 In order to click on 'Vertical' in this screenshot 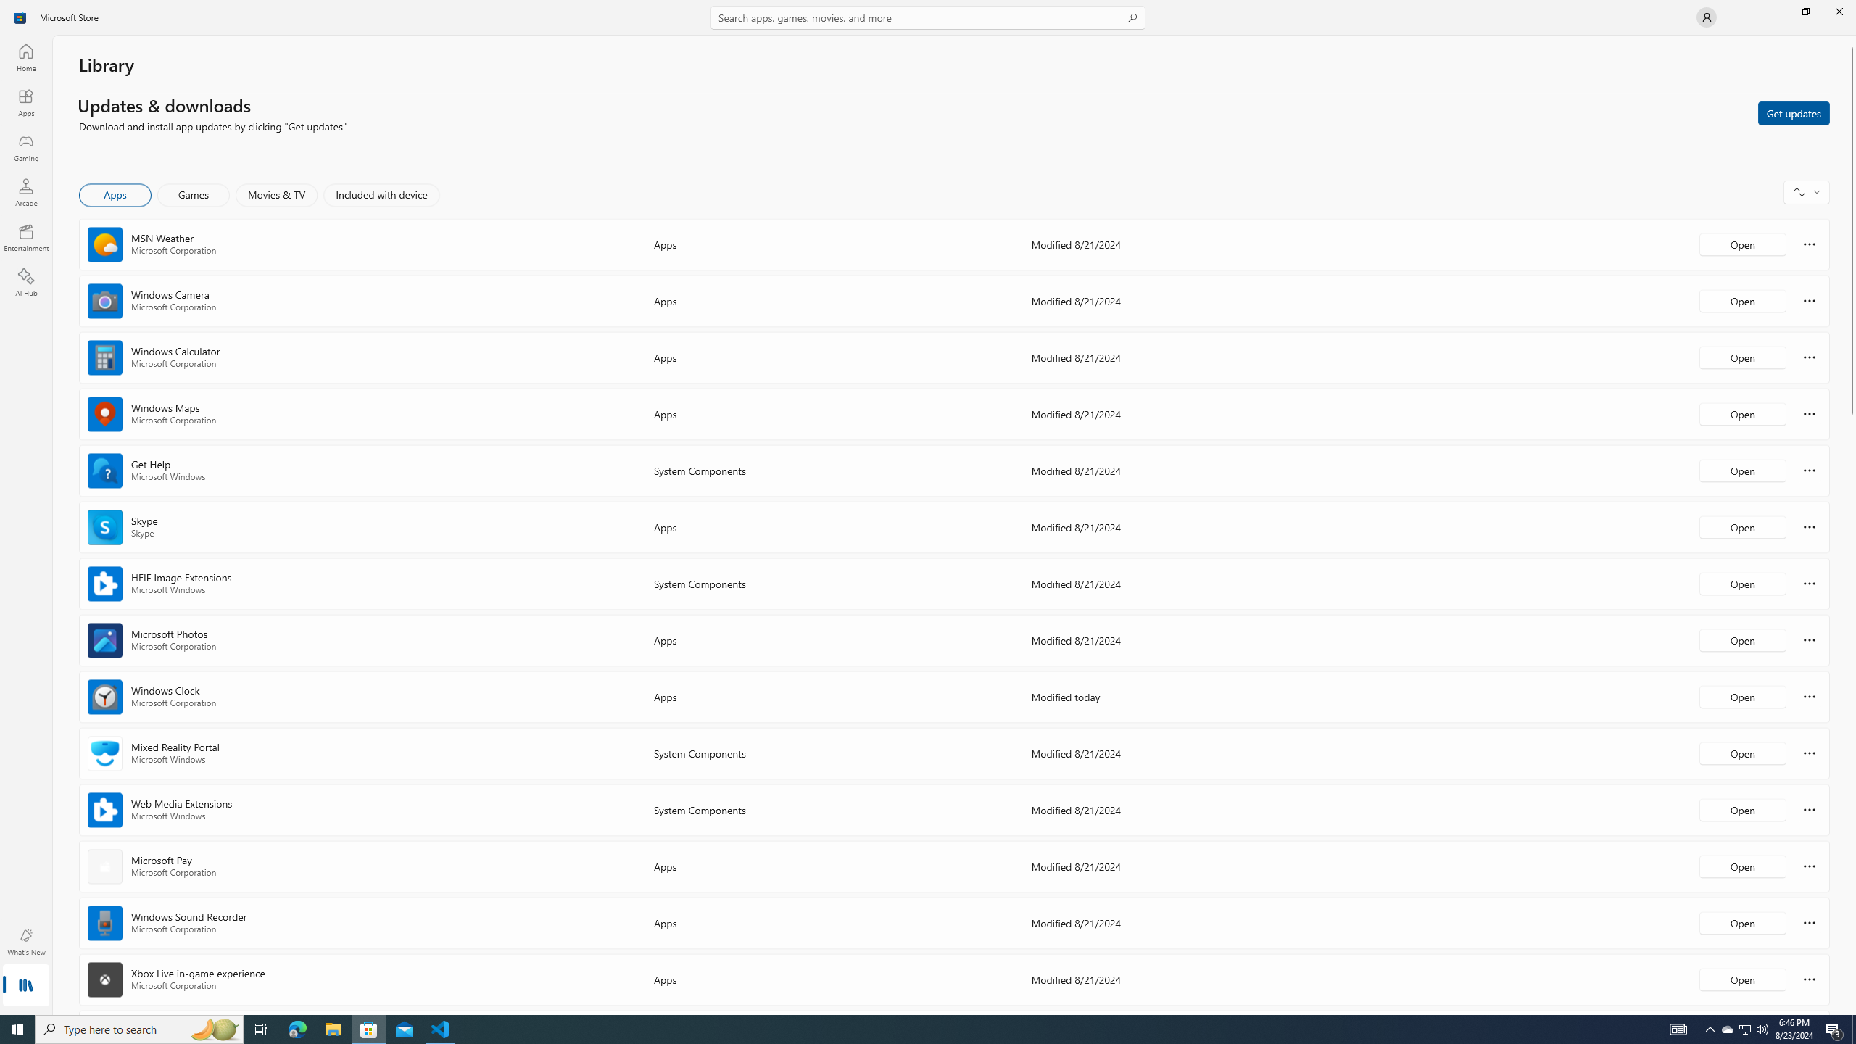, I will do `click(1850, 525)`.